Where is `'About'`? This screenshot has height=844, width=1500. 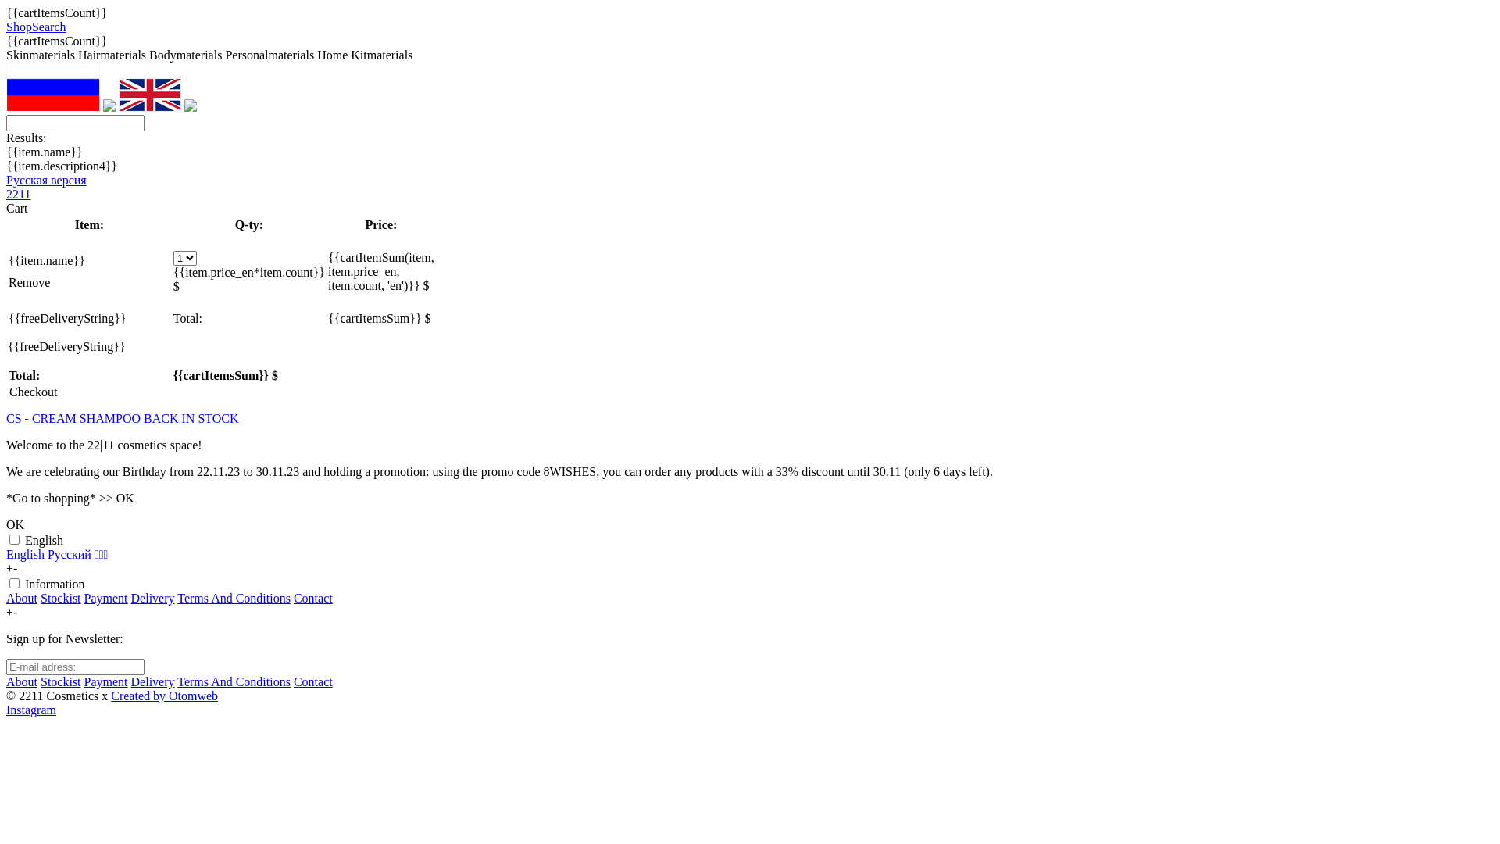 'About' is located at coordinates (22, 681).